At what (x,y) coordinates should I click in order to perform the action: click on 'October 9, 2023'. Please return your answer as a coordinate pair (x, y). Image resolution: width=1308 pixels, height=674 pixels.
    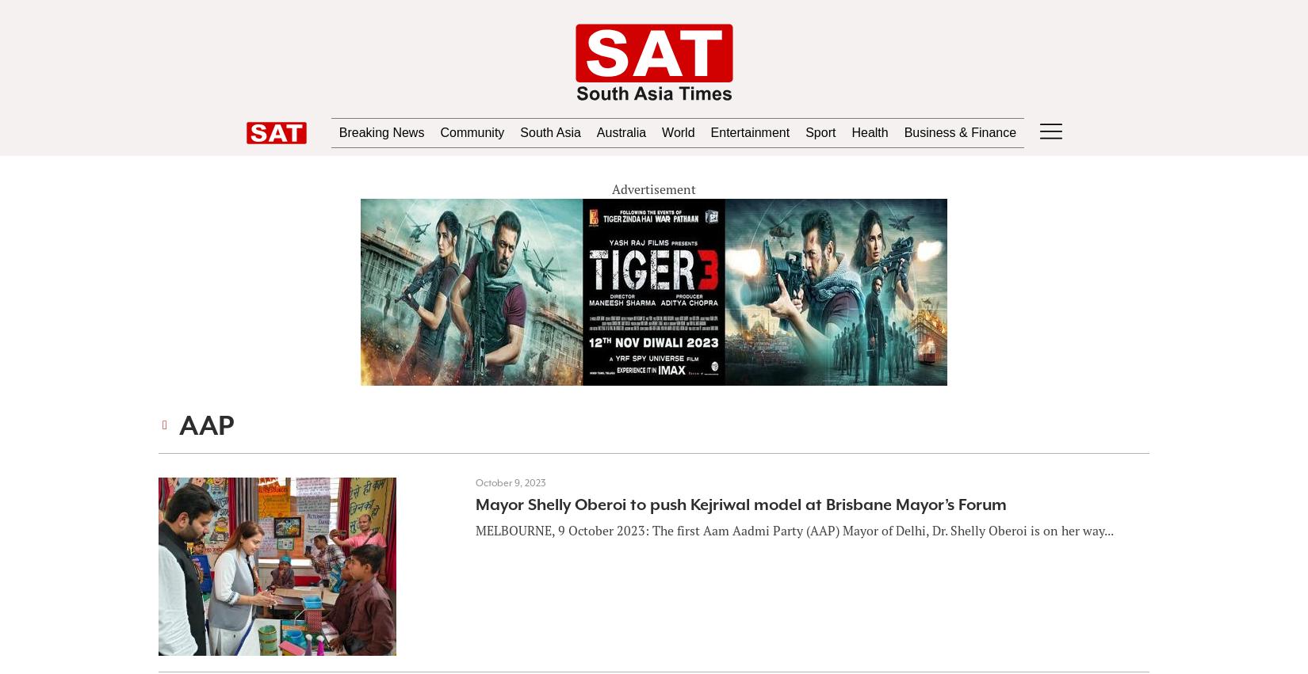
    Looking at the image, I should click on (509, 482).